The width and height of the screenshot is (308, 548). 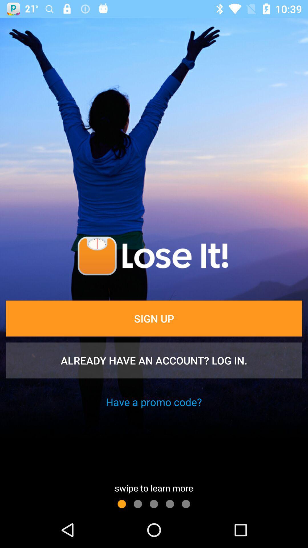 What do you see at coordinates (153, 402) in the screenshot?
I see `icon below the already have an` at bounding box center [153, 402].